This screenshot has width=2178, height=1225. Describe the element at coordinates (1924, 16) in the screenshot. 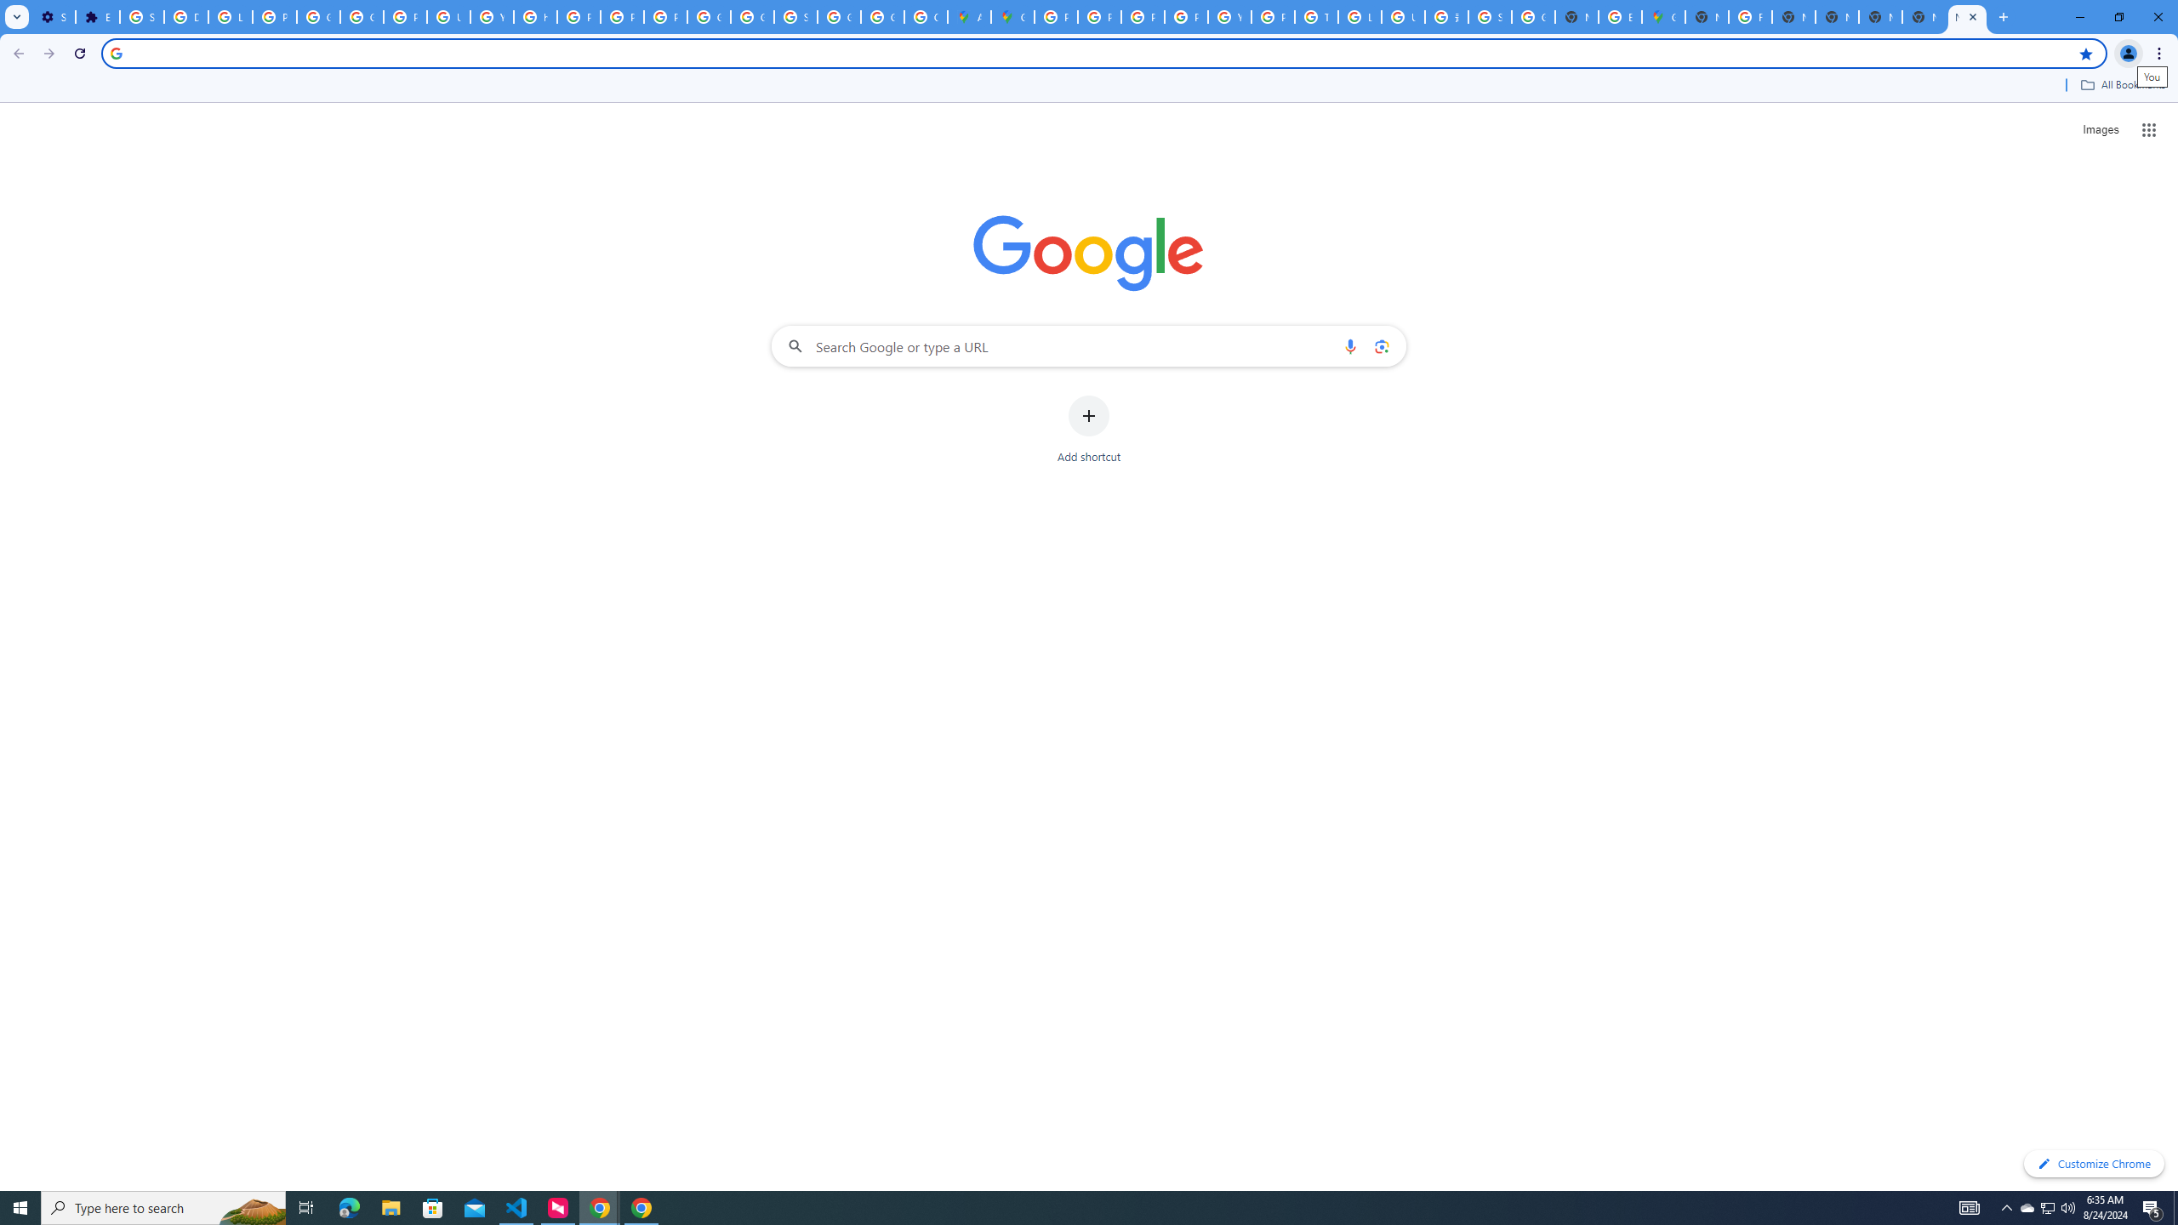

I see `'New Tab'` at that location.